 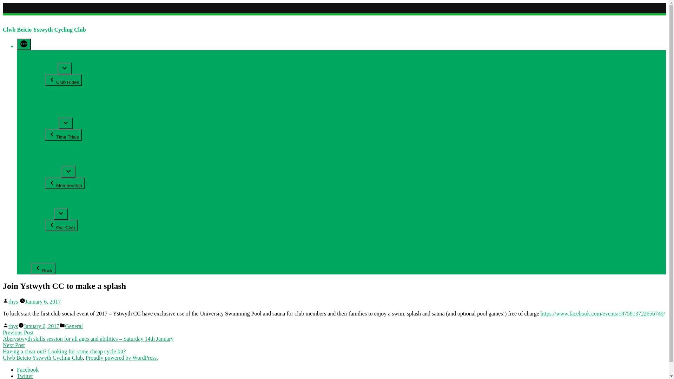 What do you see at coordinates (30, 70) in the screenshot?
I see `'Club Rides'` at bounding box center [30, 70].